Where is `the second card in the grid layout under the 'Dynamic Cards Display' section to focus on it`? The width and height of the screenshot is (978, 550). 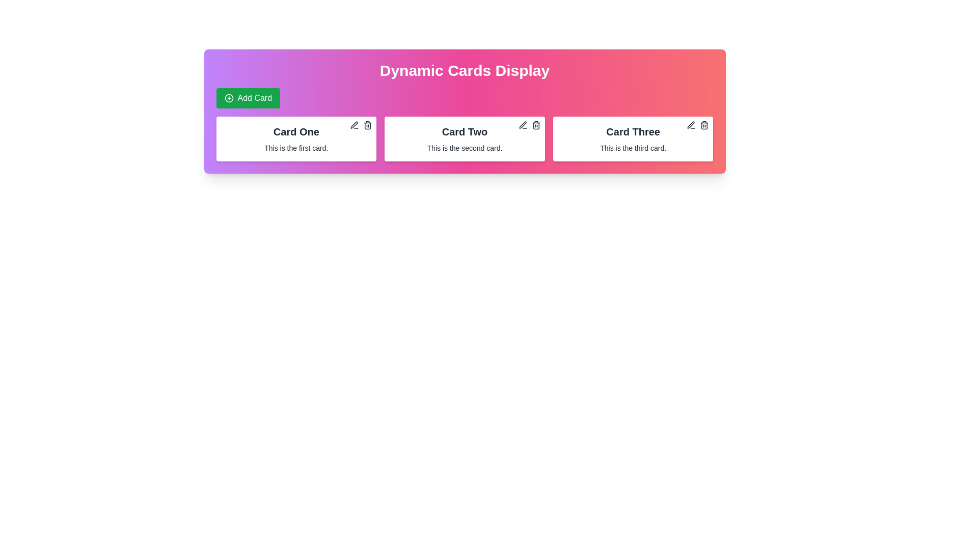
the second card in the grid layout under the 'Dynamic Cards Display' section to focus on it is located at coordinates (464, 139).